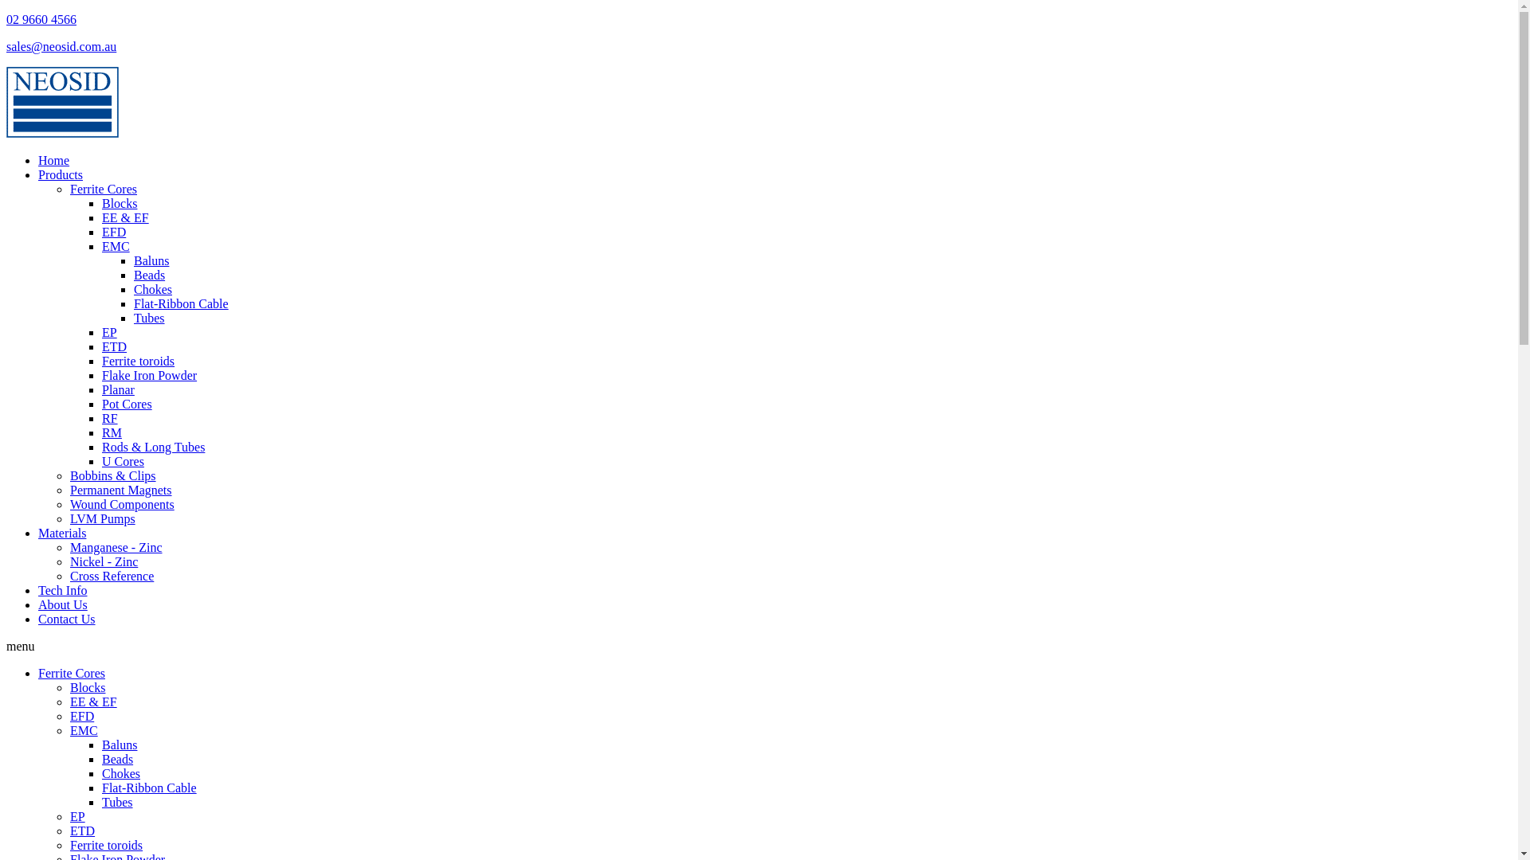 The width and height of the screenshot is (1530, 860). What do you see at coordinates (109, 417) in the screenshot?
I see `'RF'` at bounding box center [109, 417].